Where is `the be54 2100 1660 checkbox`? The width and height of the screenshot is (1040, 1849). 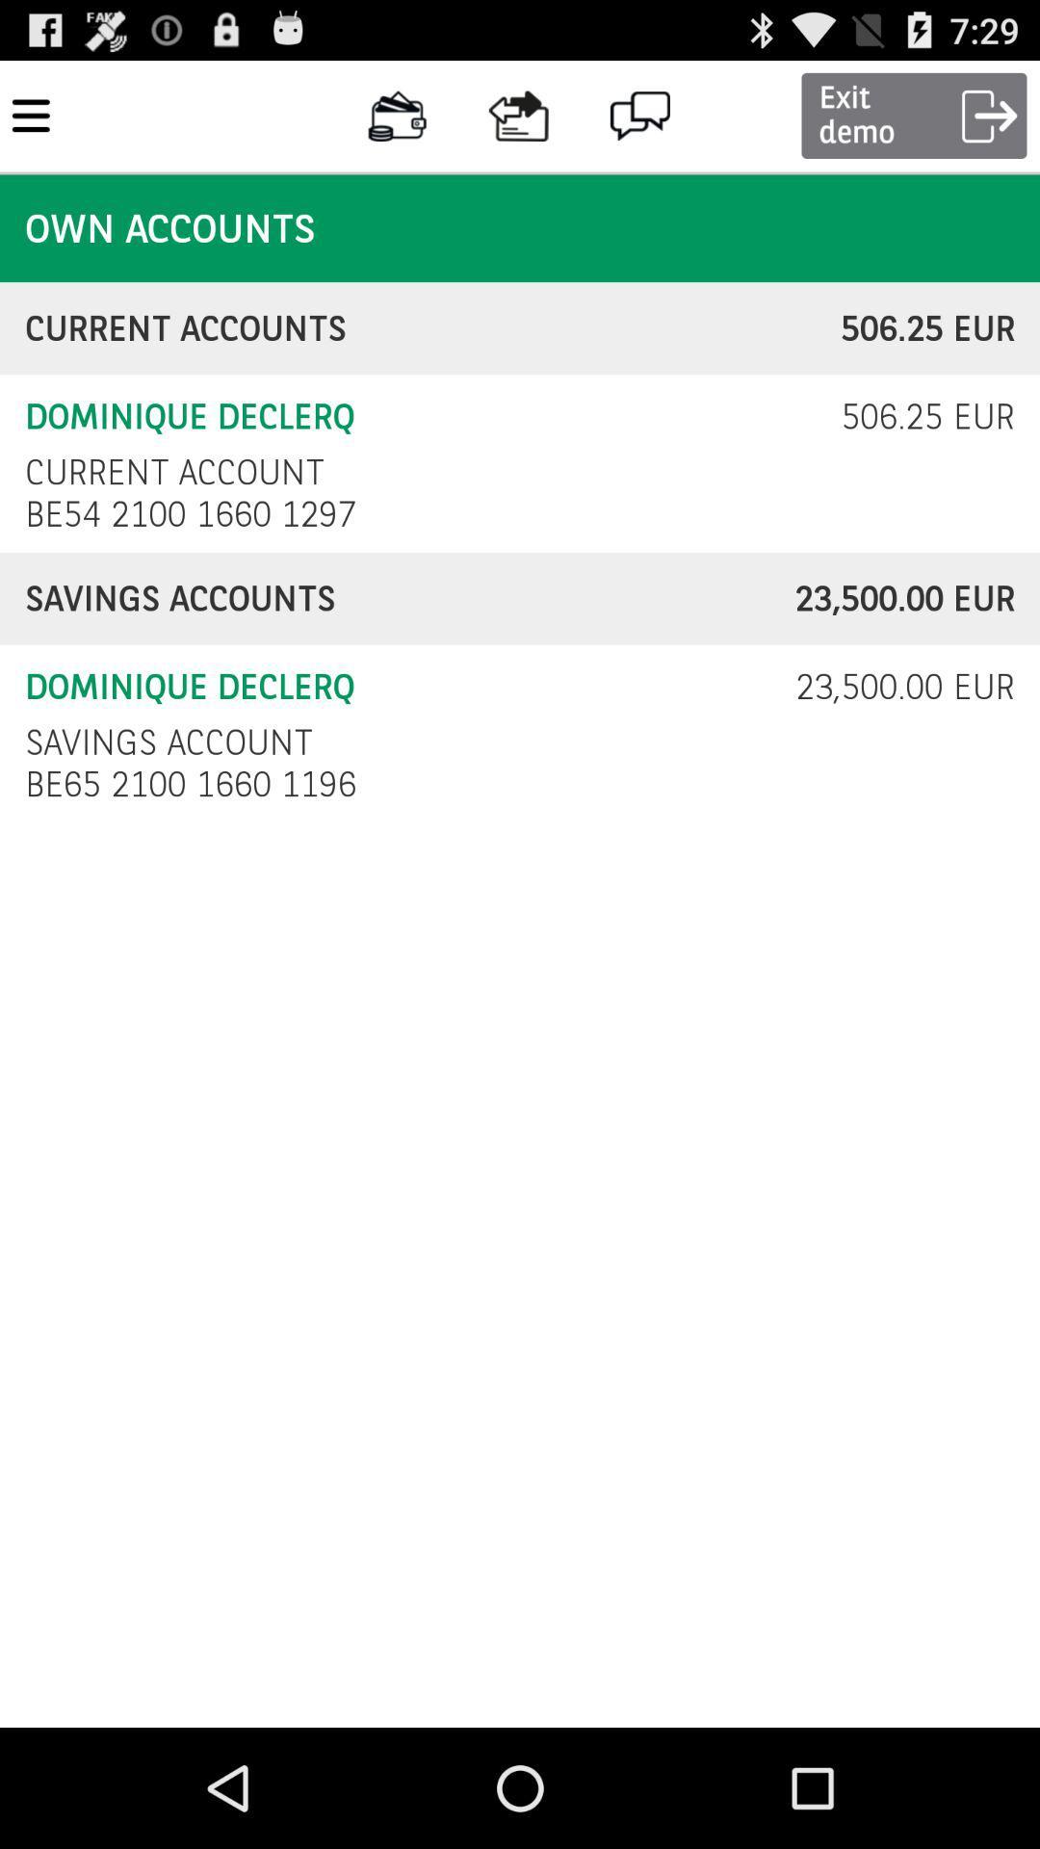
the be54 2100 1660 checkbox is located at coordinates (195, 513).